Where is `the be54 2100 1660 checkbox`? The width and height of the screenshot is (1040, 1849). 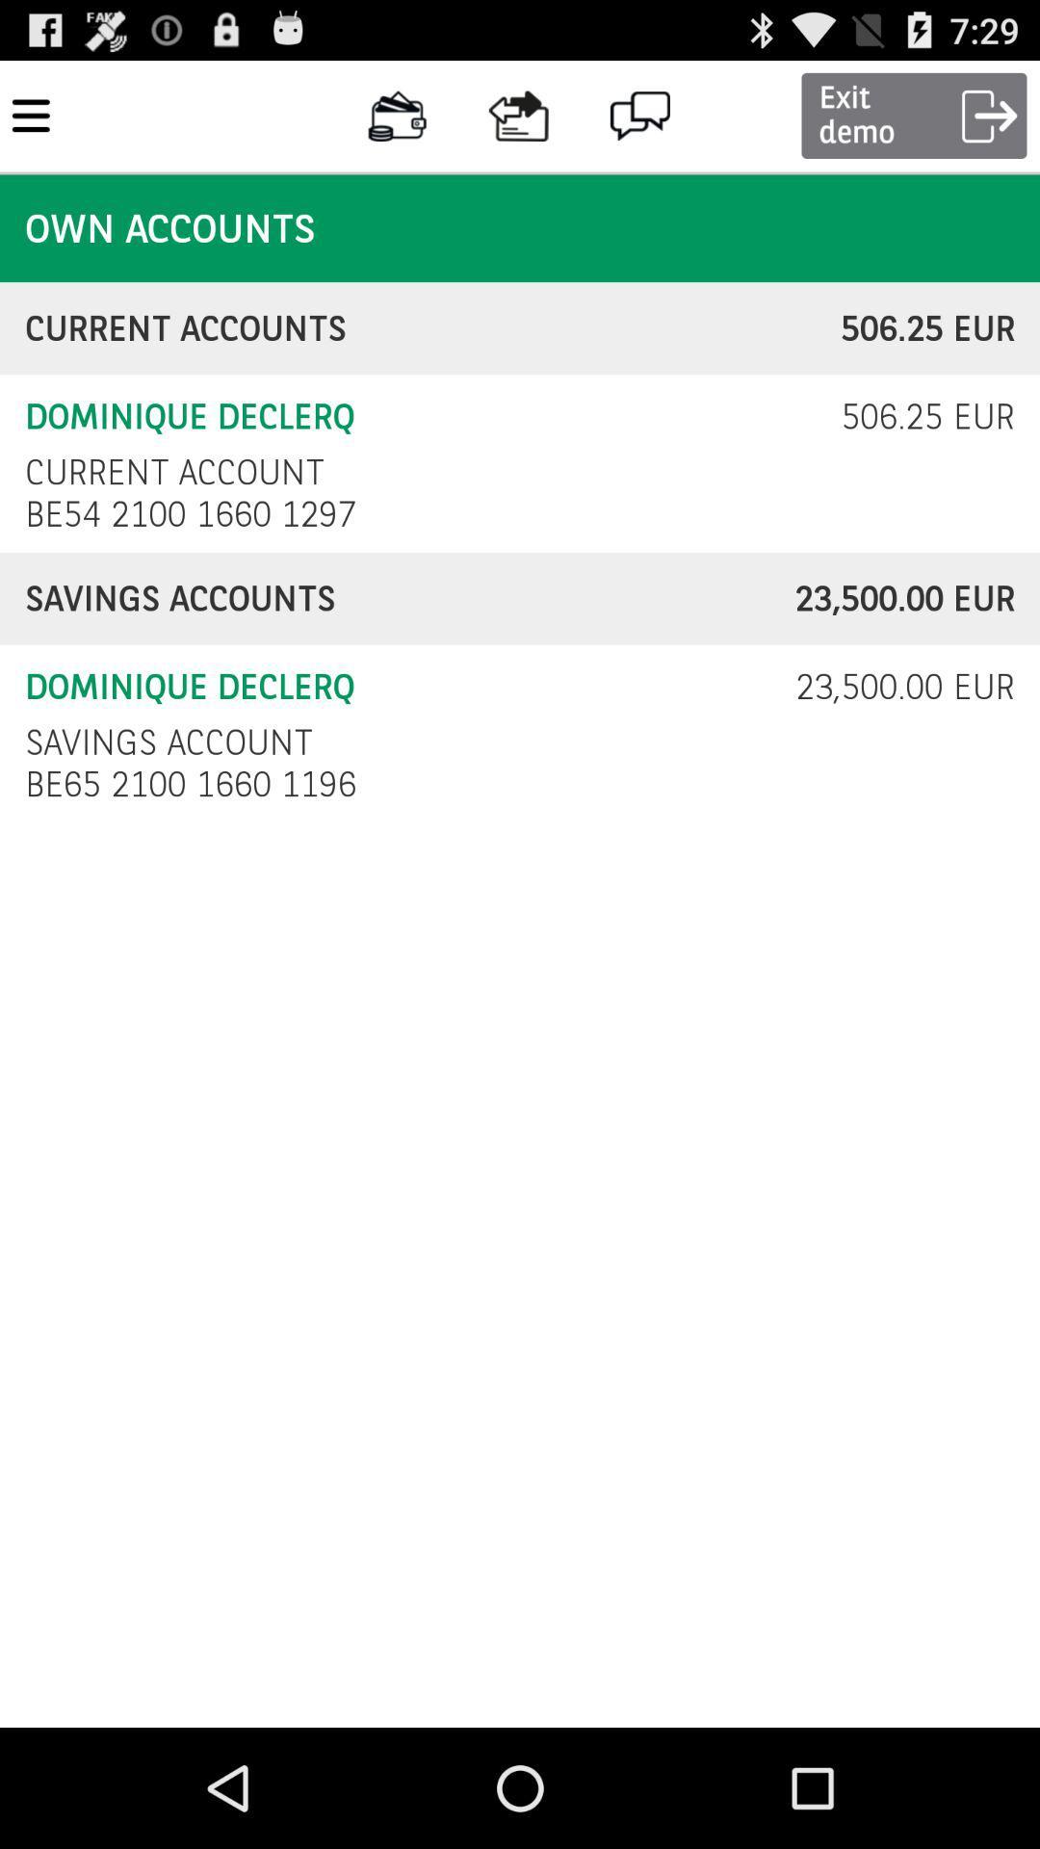
the be54 2100 1660 checkbox is located at coordinates (195, 513).